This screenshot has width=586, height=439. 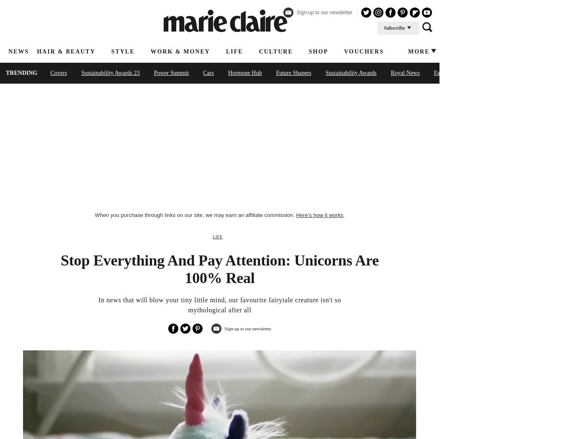 What do you see at coordinates (219, 304) in the screenshot?
I see `'In news that will blow your tiny little mind, our favourite fairytale creature isn't so mythological after all'` at bounding box center [219, 304].